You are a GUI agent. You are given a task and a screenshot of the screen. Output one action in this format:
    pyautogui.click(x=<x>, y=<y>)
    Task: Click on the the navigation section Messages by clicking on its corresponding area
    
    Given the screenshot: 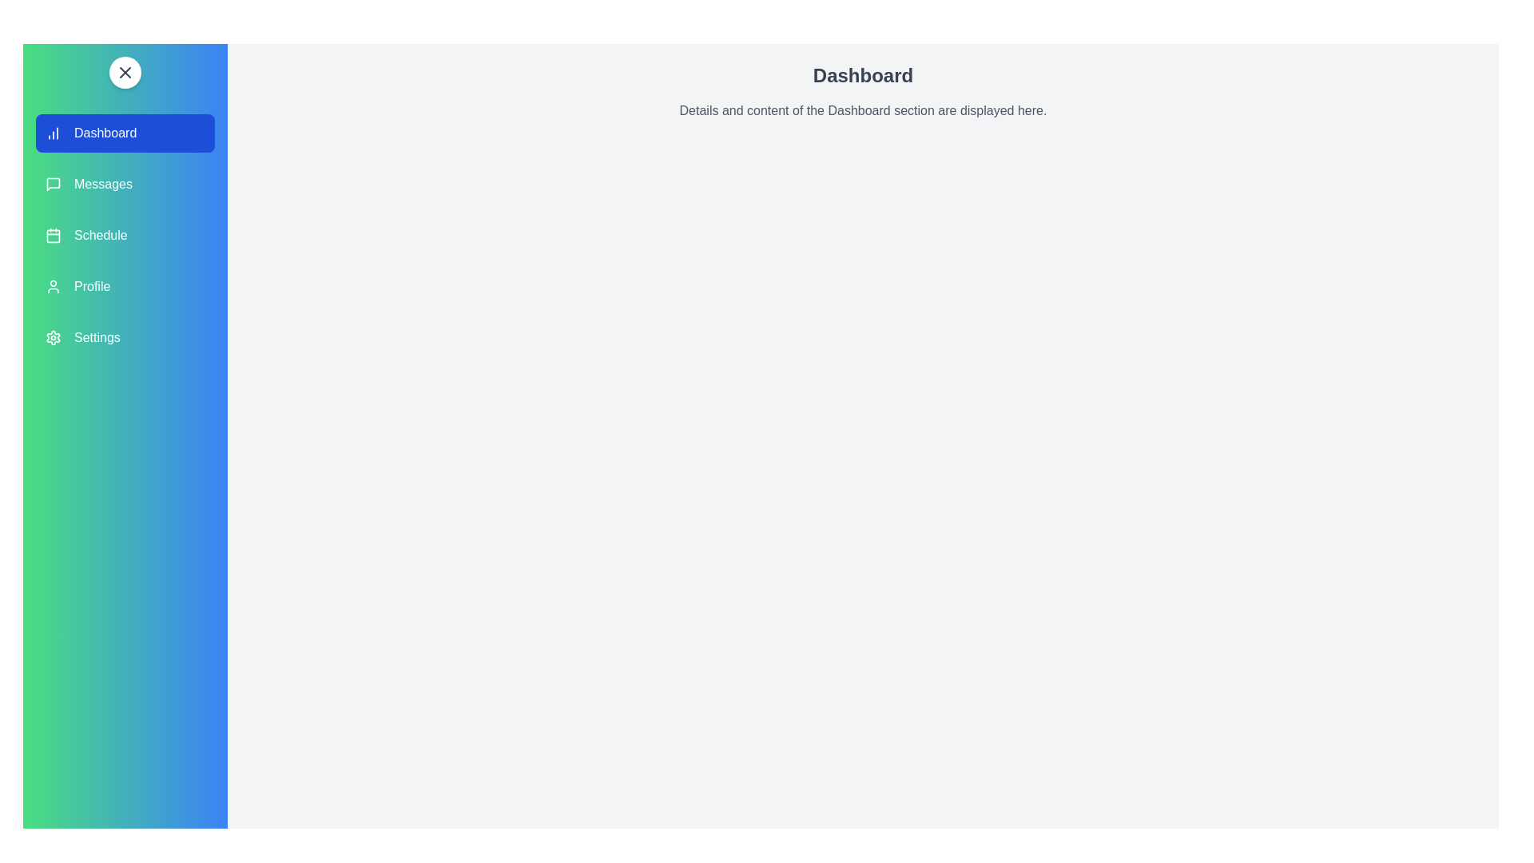 What is the action you would take?
    pyautogui.click(x=125, y=184)
    